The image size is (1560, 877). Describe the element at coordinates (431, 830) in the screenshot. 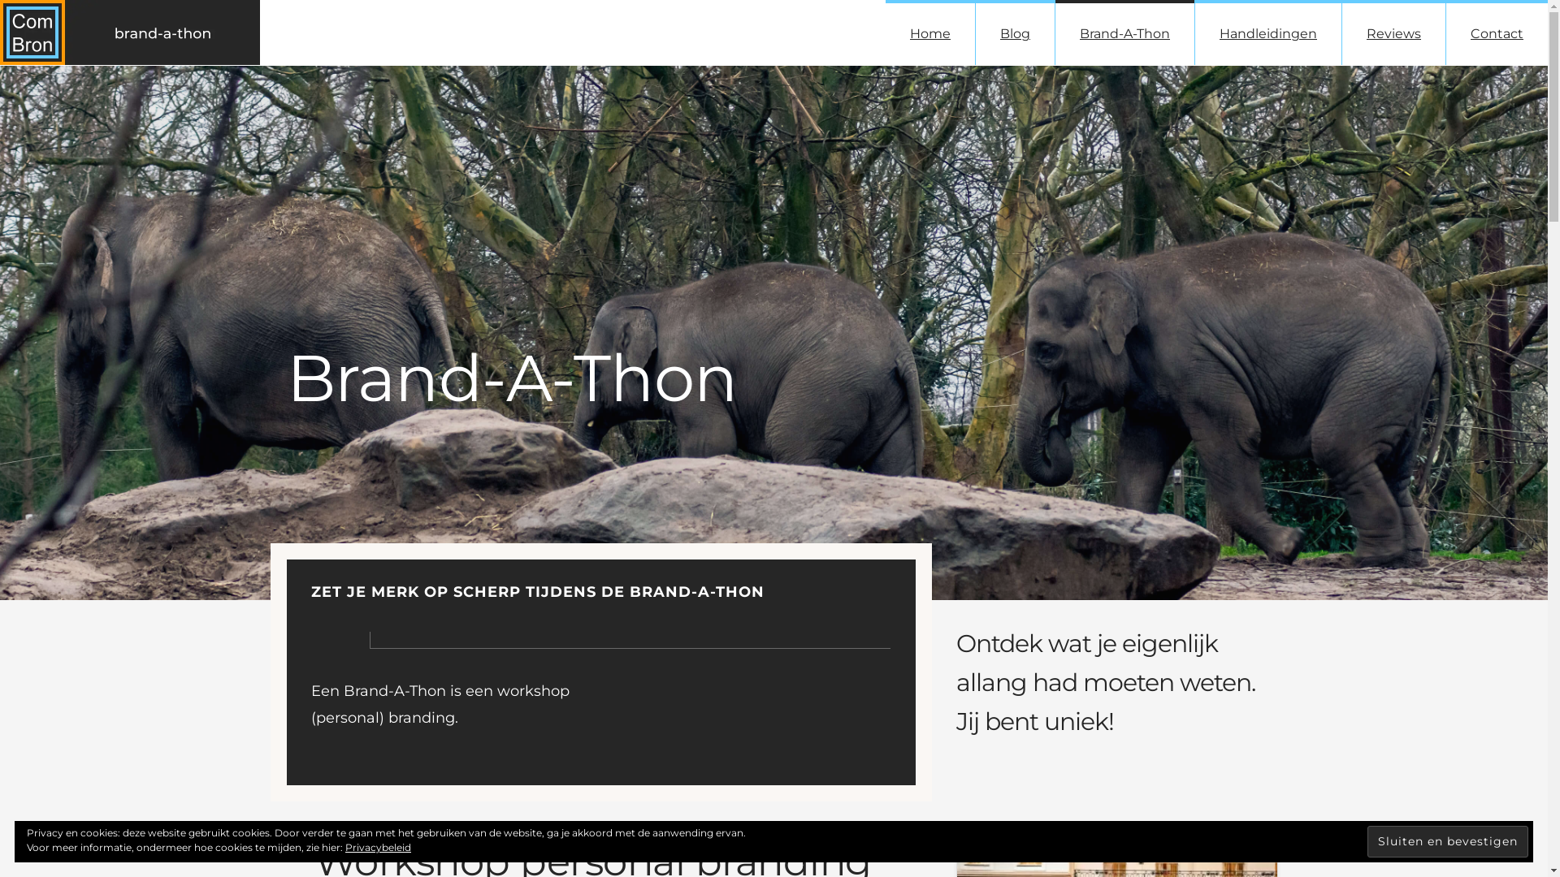

I see `'COLOFON'` at that location.